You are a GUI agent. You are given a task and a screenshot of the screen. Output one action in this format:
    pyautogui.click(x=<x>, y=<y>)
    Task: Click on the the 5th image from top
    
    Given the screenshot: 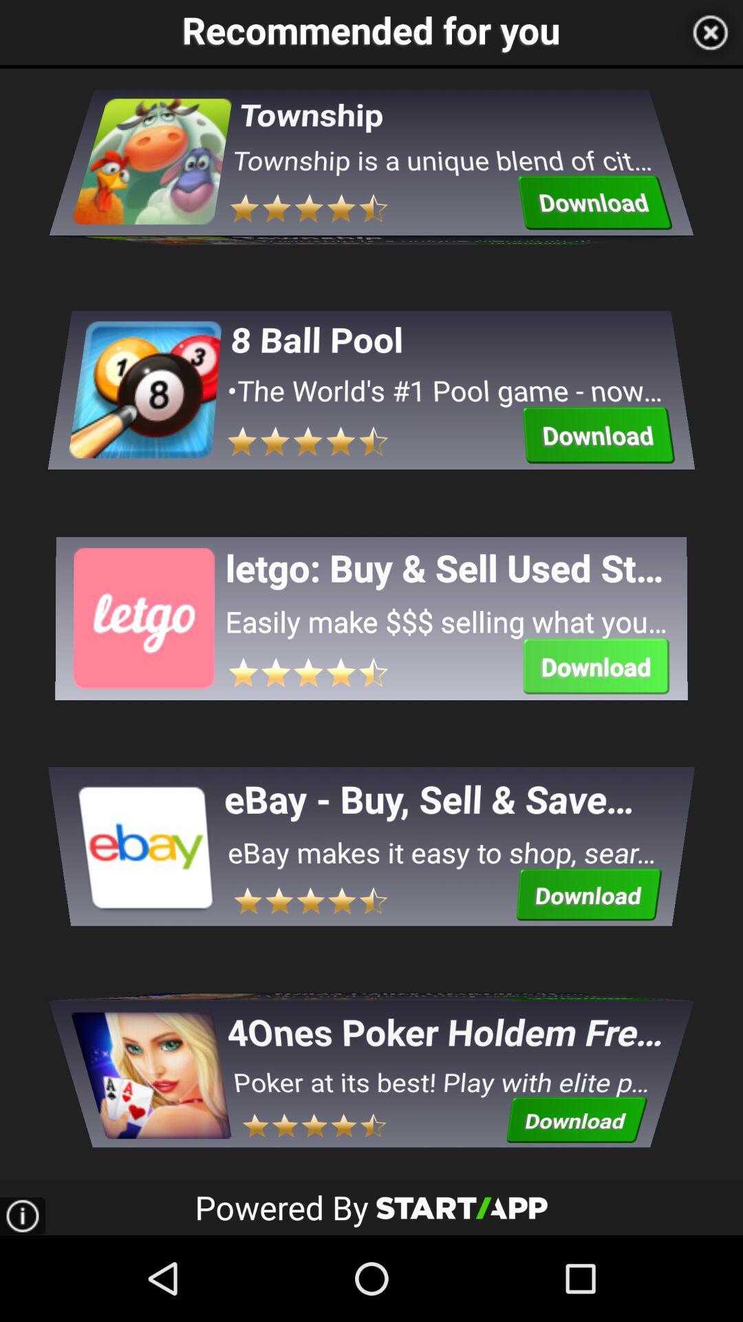 What is the action you would take?
    pyautogui.click(x=149, y=1058)
    